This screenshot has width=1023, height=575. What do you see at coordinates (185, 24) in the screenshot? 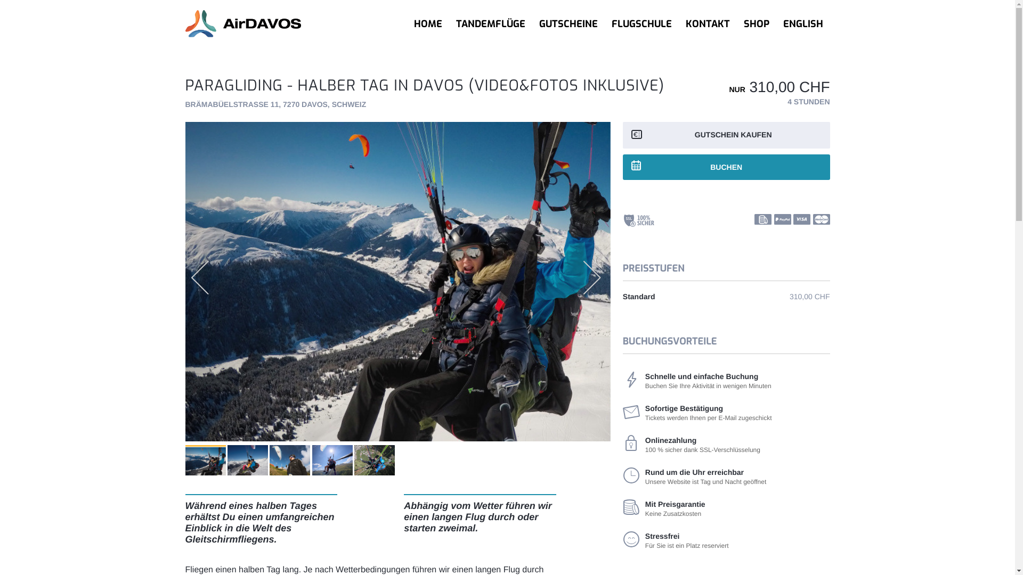
I see `'AirDavosParagliding-Logo'` at bounding box center [185, 24].